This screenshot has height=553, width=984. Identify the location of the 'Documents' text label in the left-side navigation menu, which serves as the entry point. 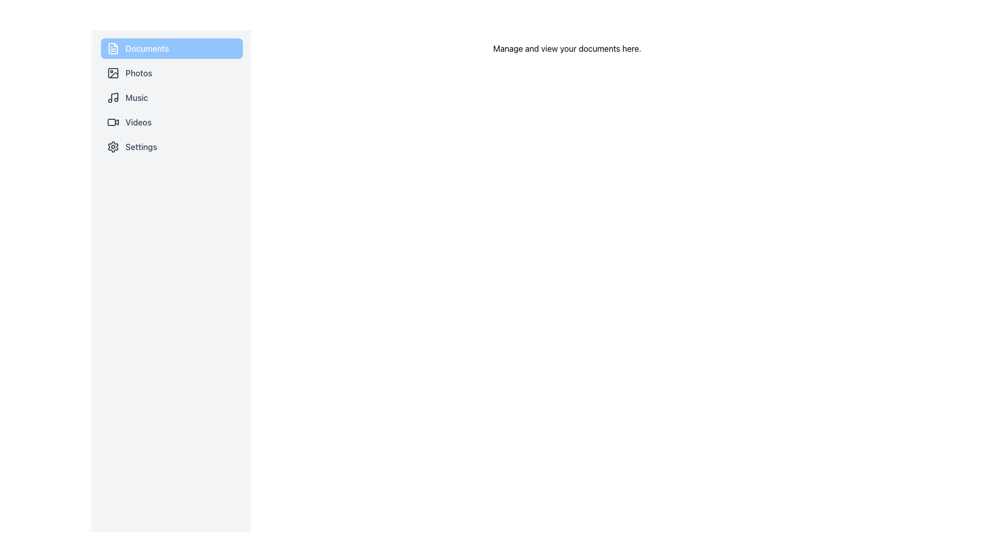
(147, 49).